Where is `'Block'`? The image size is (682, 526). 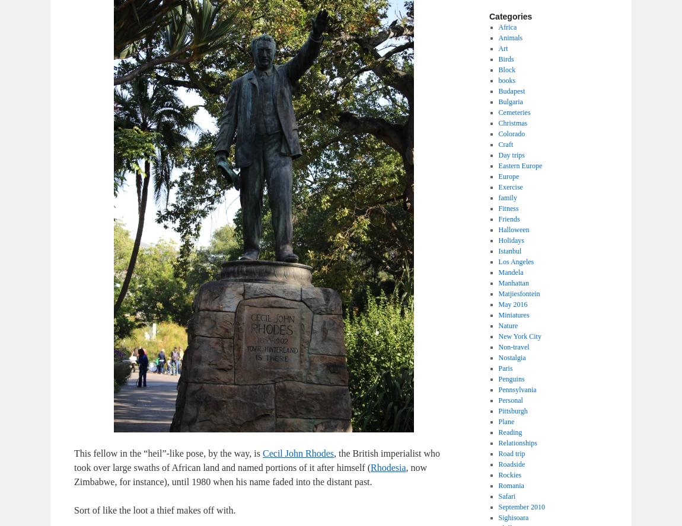
'Block' is located at coordinates (497, 70).